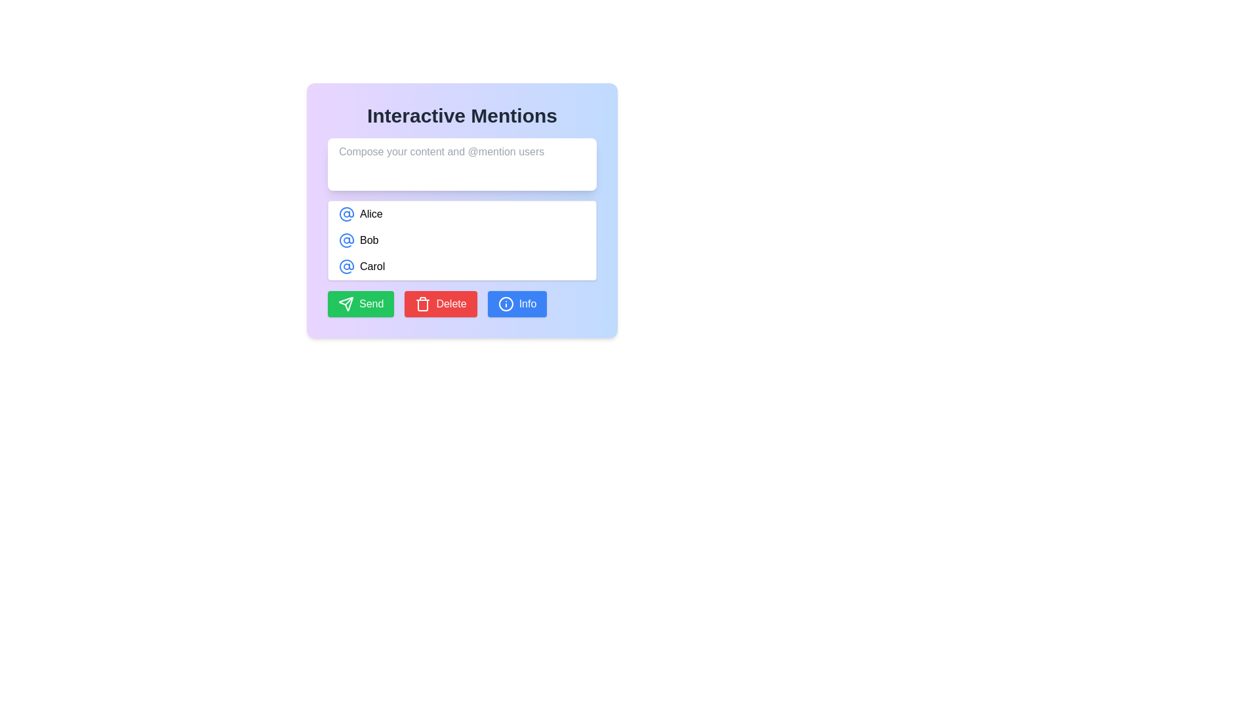  I want to click on the middle red button labeled 'Delete' with a trash can icon, so click(441, 304).